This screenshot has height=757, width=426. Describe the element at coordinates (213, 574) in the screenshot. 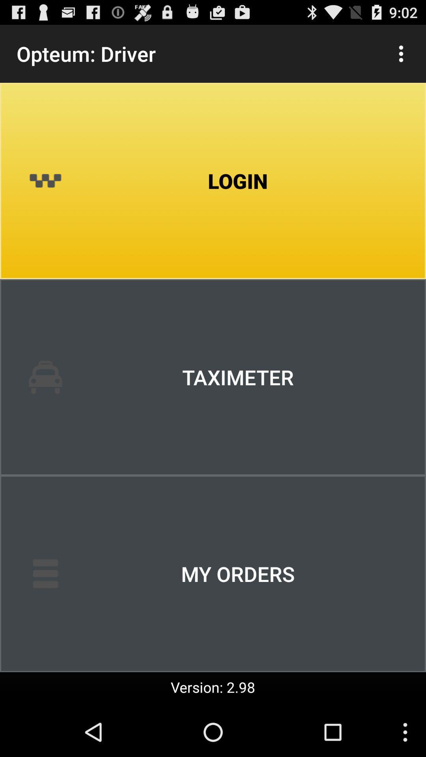

I see `icon below the taximeter item` at that location.